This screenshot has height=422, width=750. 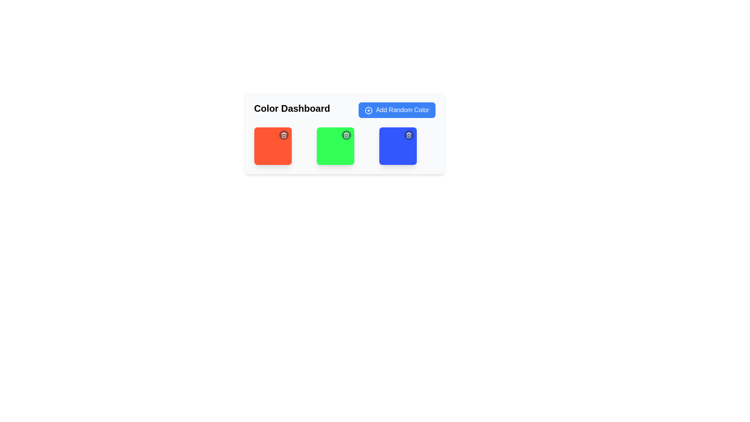 What do you see at coordinates (408, 135) in the screenshot?
I see `the trash can icon button located in the top-right corner of the third blue card` at bounding box center [408, 135].